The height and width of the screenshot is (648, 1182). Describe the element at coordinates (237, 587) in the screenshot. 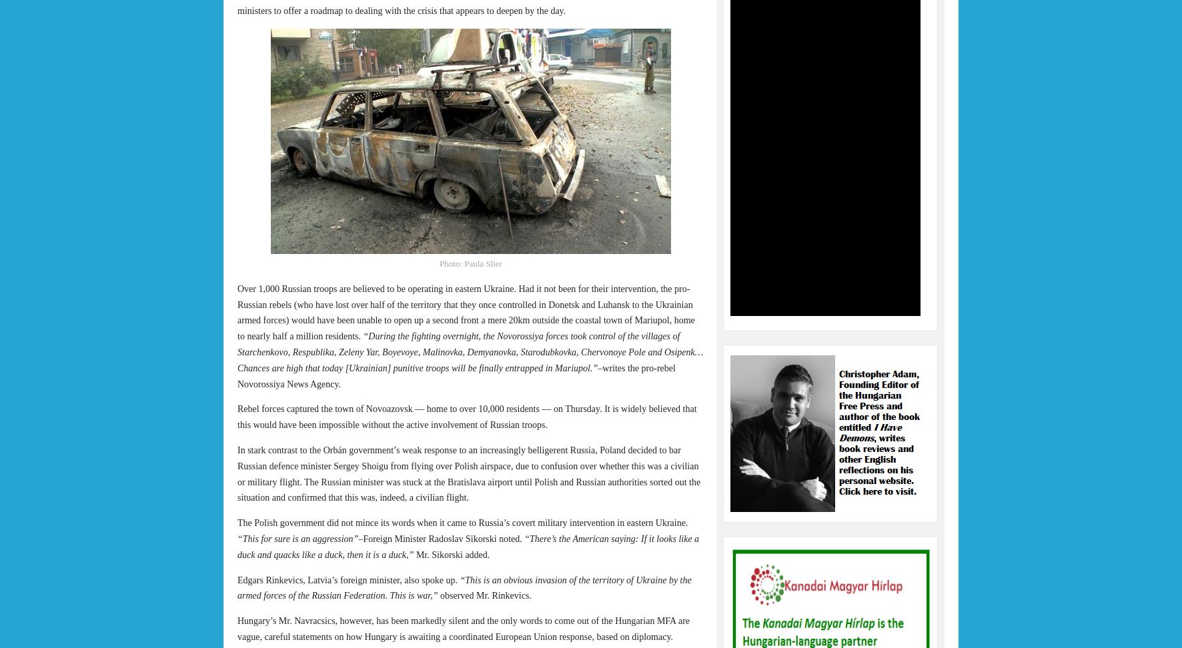

I see `'“This is an obvious invasion of the territory of Ukraine by the armed forces of the Russian Federation. This is war,”'` at that location.